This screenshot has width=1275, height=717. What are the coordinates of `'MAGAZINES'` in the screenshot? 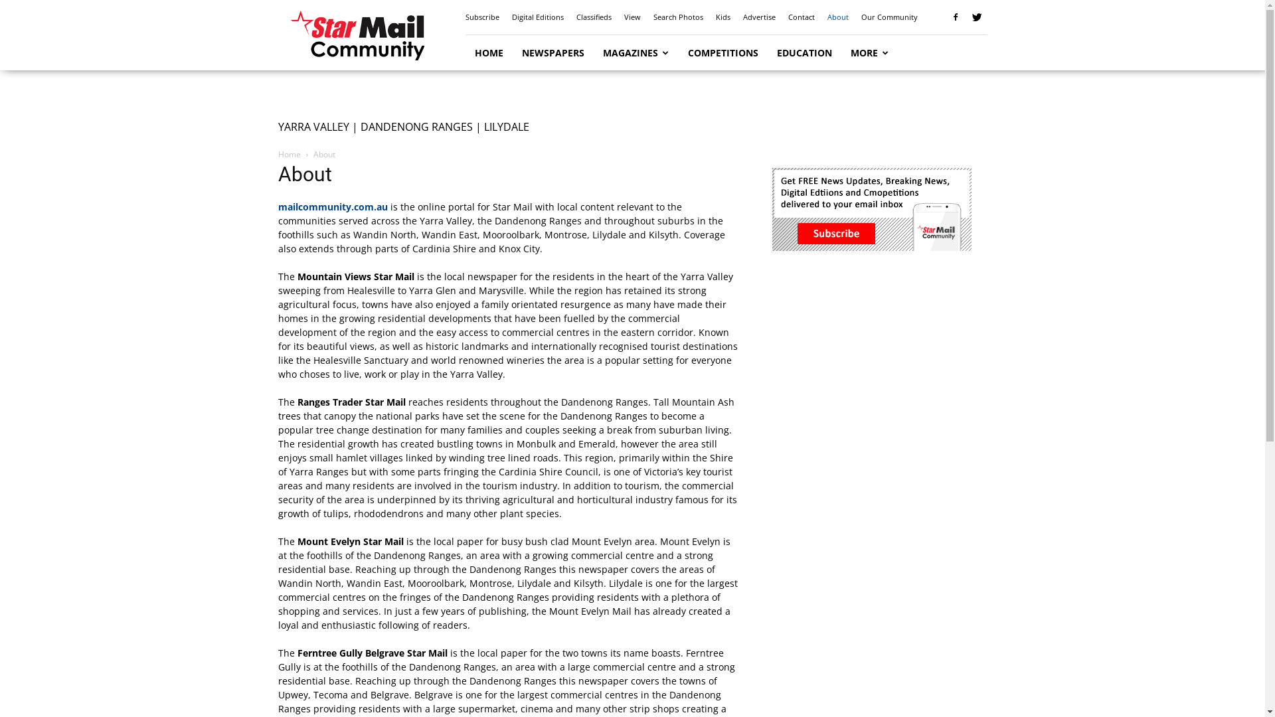 It's located at (636, 52).